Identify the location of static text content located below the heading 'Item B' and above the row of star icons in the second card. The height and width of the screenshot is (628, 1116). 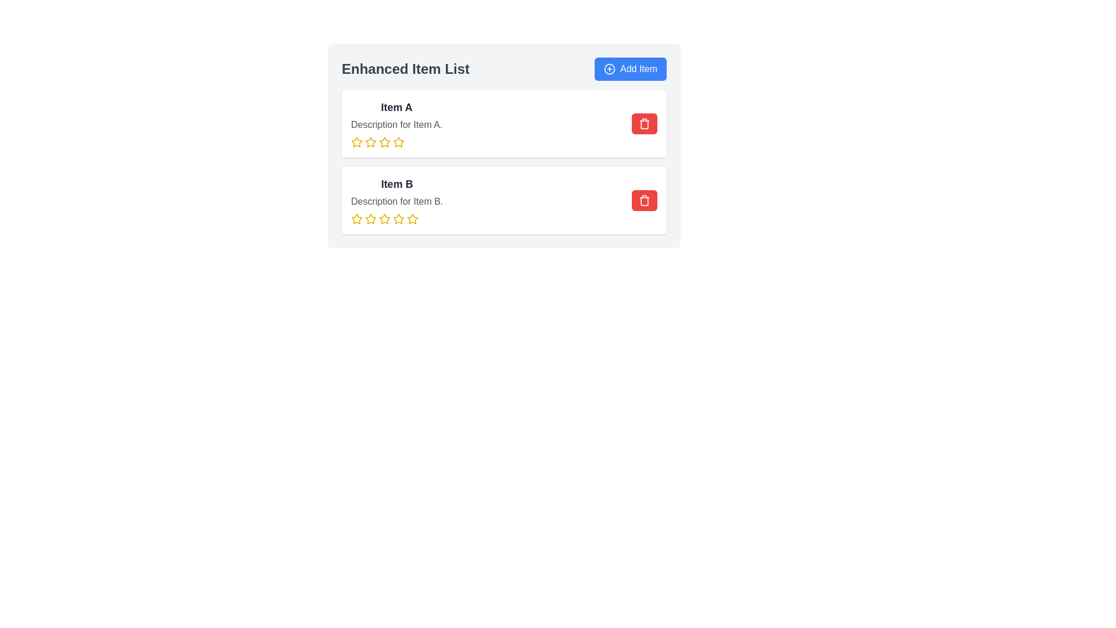
(397, 201).